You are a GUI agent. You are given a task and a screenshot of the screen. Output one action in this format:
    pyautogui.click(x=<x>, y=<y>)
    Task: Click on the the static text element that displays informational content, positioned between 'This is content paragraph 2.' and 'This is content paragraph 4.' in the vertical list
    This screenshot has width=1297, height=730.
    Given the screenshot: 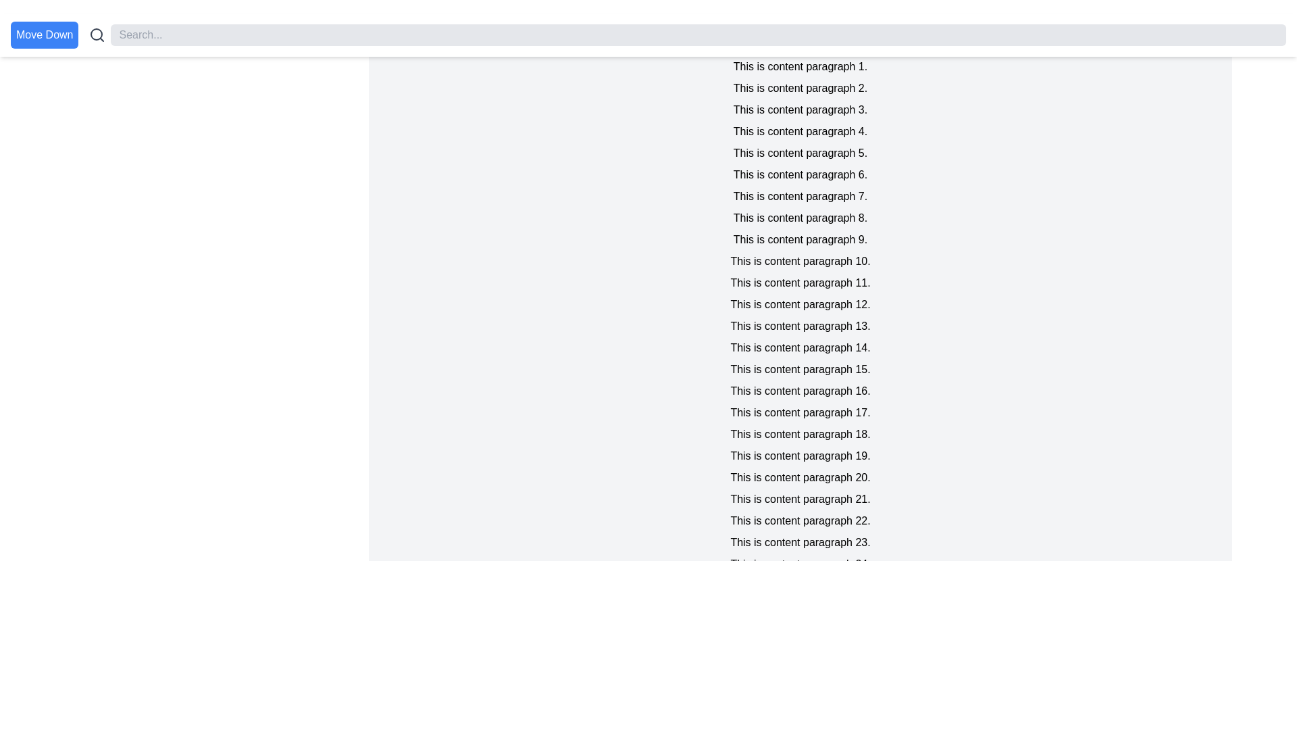 What is the action you would take?
    pyautogui.click(x=800, y=109)
    